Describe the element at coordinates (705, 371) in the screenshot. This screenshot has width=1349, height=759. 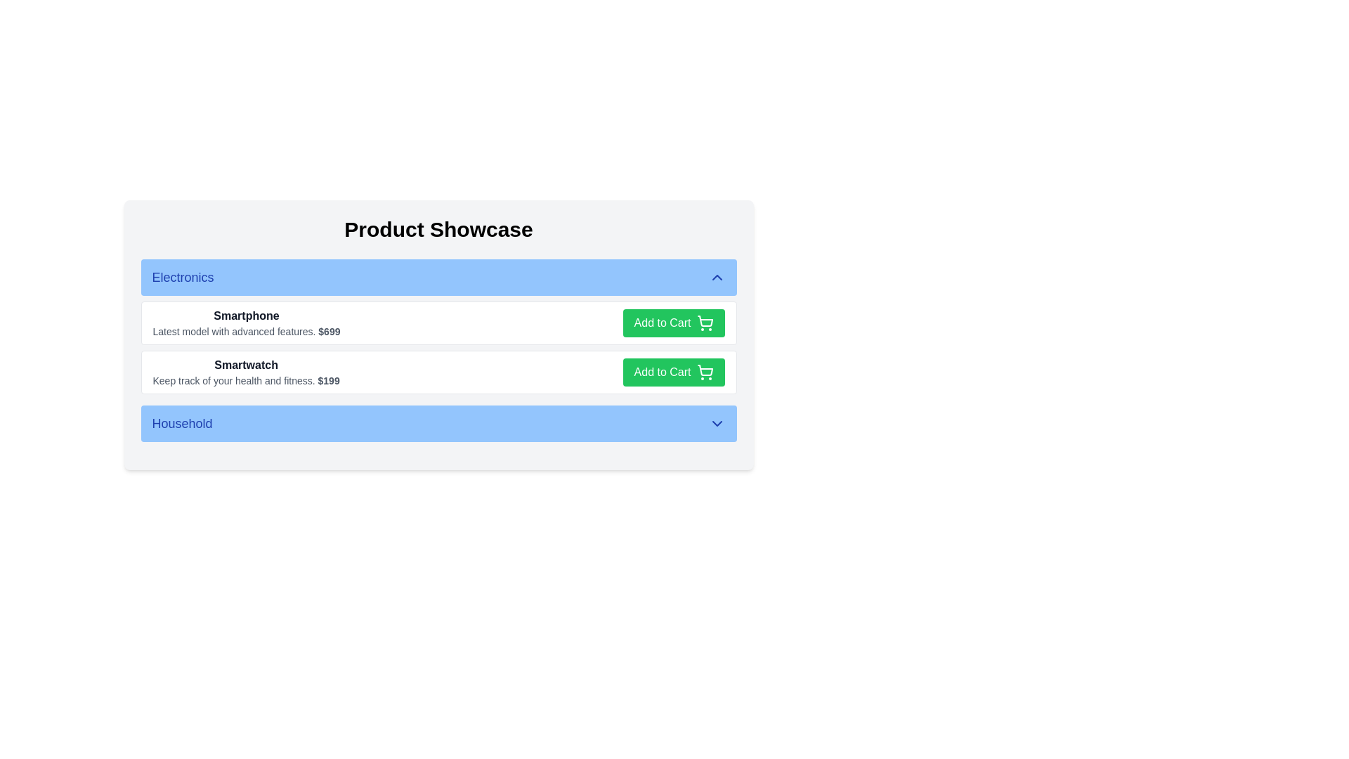
I see `the 'Add to Cart' icon located to the immediate right of the 'Add to Cart' text inside the green button in the 'Smartwatch' row under the 'Electronics' section` at that location.